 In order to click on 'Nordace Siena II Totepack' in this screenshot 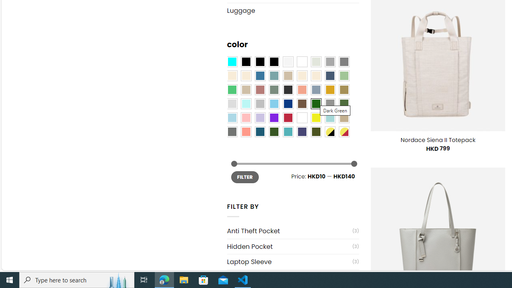, I will do `click(438, 140)`.